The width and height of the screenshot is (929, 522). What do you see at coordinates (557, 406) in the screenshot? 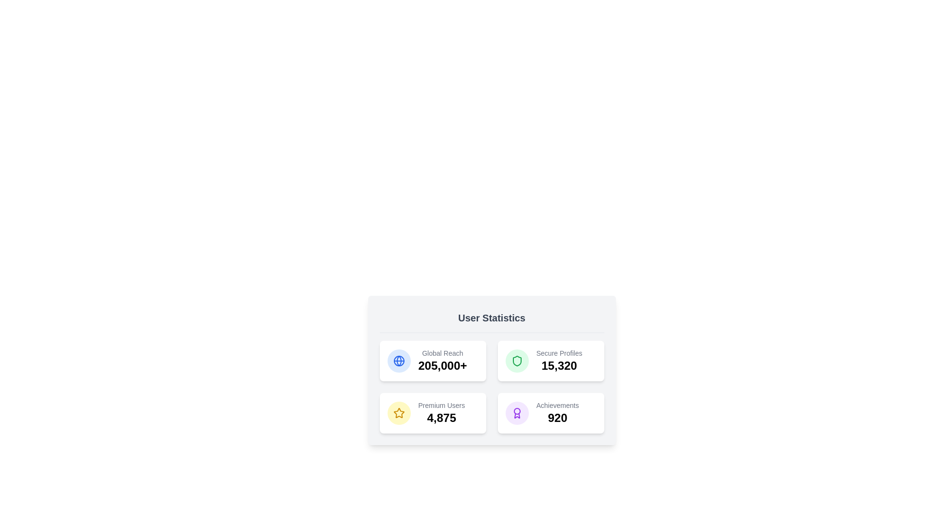
I see `text label displaying 'Achievements' located above the bold numerical value '920' within the lower-right card of a grid` at bounding box center [557, 406].